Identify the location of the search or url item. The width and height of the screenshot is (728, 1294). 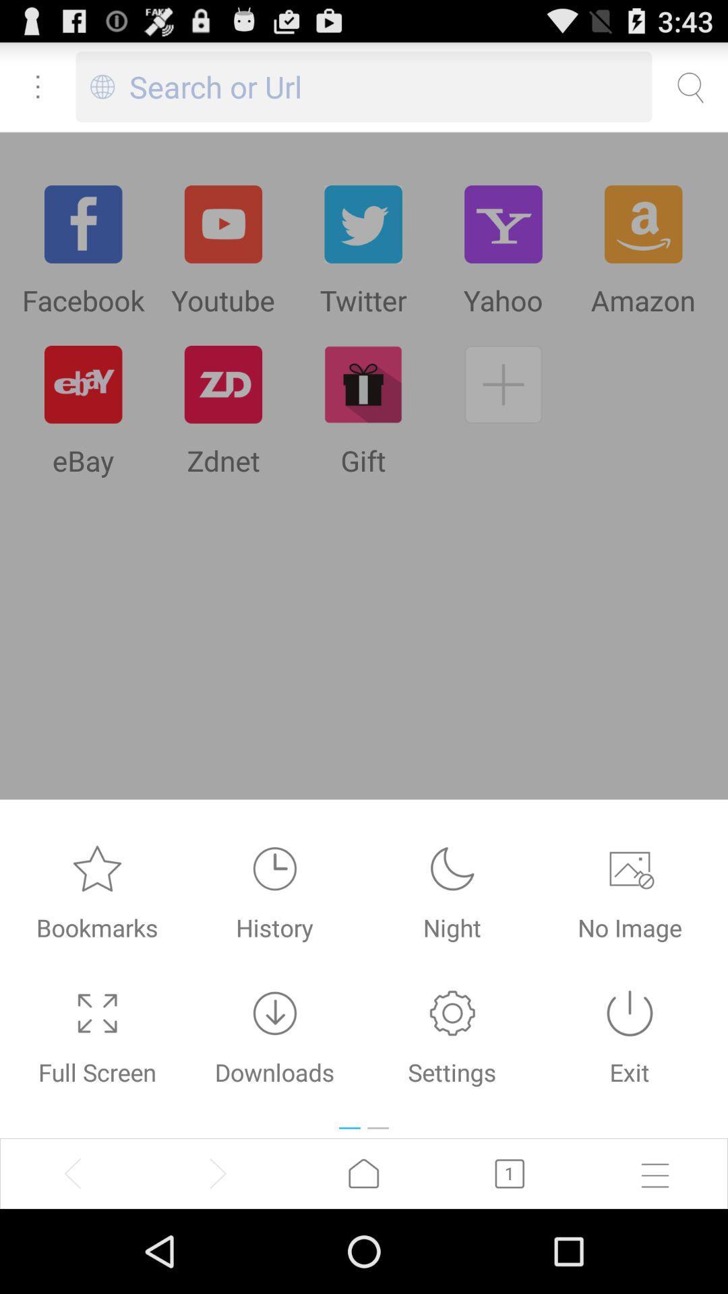
(390, 86).